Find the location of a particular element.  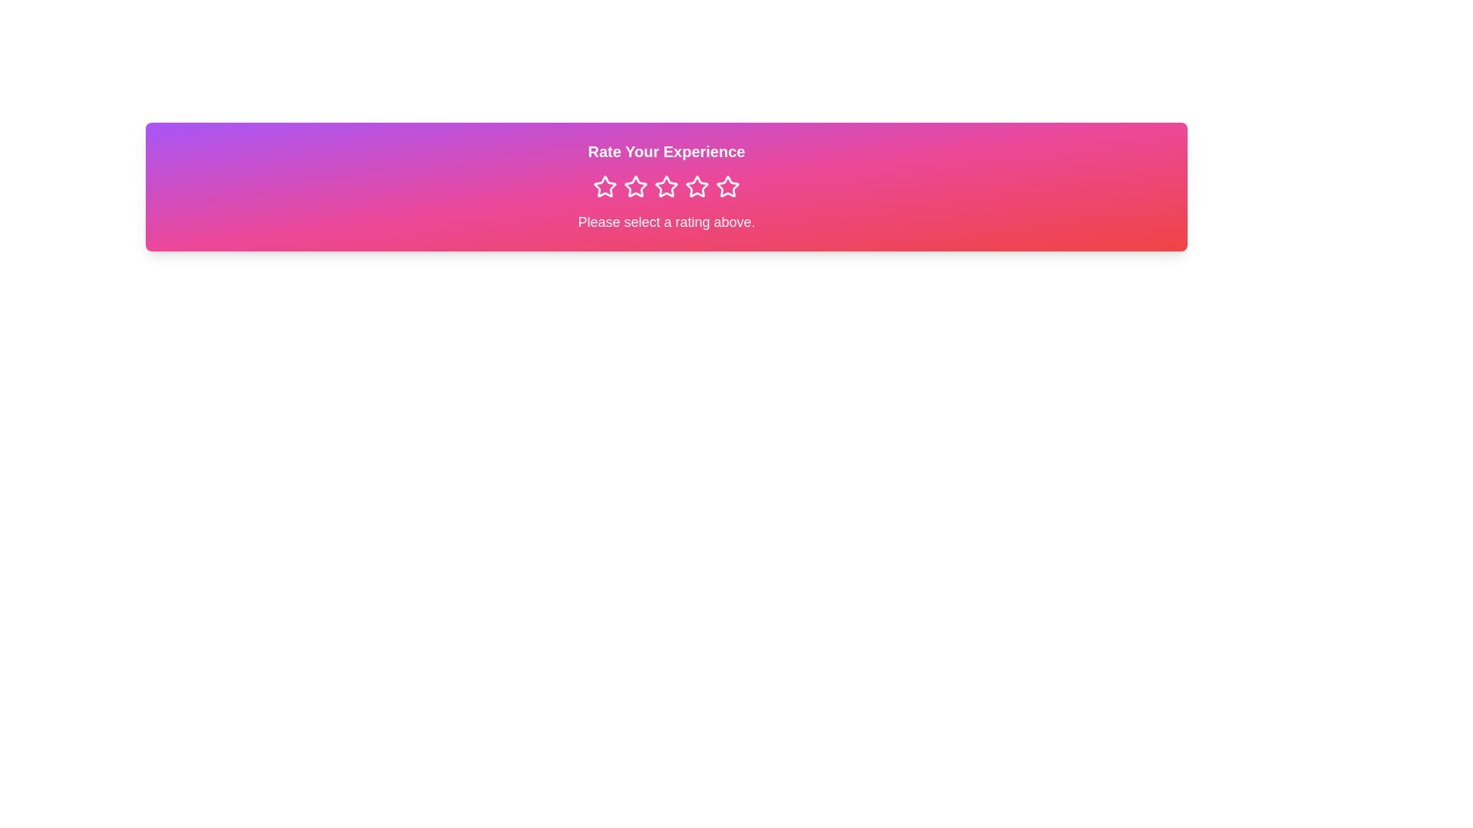

each star icon in the Rating Component, which is a horizontal arrangement of five stars used for rating, located centrally in the layout under the title 'Rate Your Experience' is located at coordinates (666, 186).